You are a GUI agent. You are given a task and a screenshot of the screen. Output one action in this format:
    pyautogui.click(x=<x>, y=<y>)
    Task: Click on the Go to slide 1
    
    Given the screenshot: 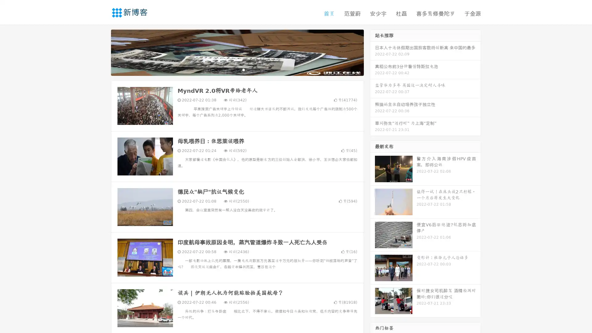 What is the action you would take?
    pyautogui.click(x=231, y=69)
    